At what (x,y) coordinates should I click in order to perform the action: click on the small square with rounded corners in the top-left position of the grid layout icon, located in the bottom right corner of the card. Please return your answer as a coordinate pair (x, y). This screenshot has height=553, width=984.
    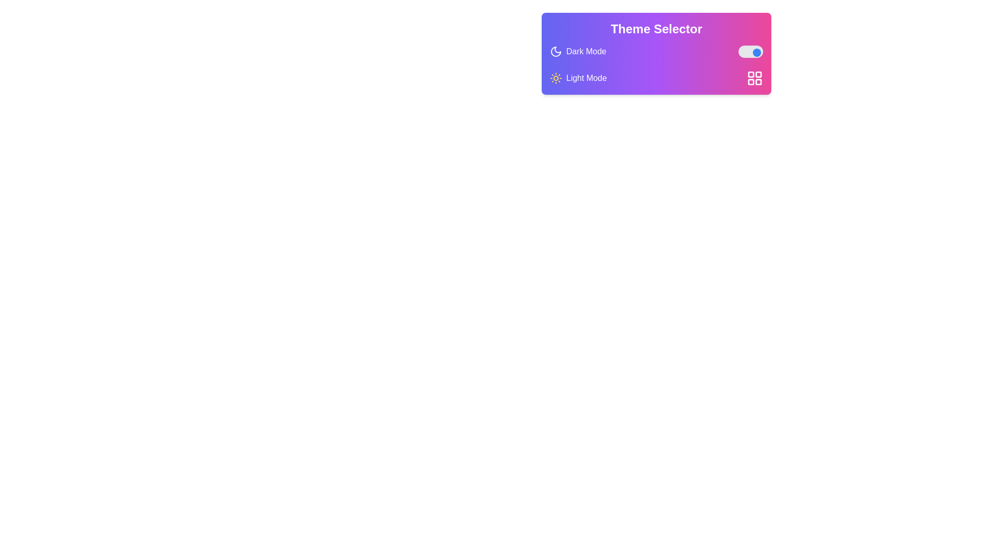
    Looking at the image, I should click on (751, 74).